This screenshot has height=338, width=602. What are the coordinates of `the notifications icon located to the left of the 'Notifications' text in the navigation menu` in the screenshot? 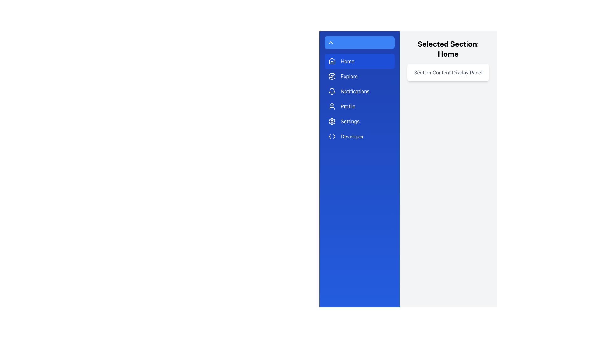 It's located at (332, 91).